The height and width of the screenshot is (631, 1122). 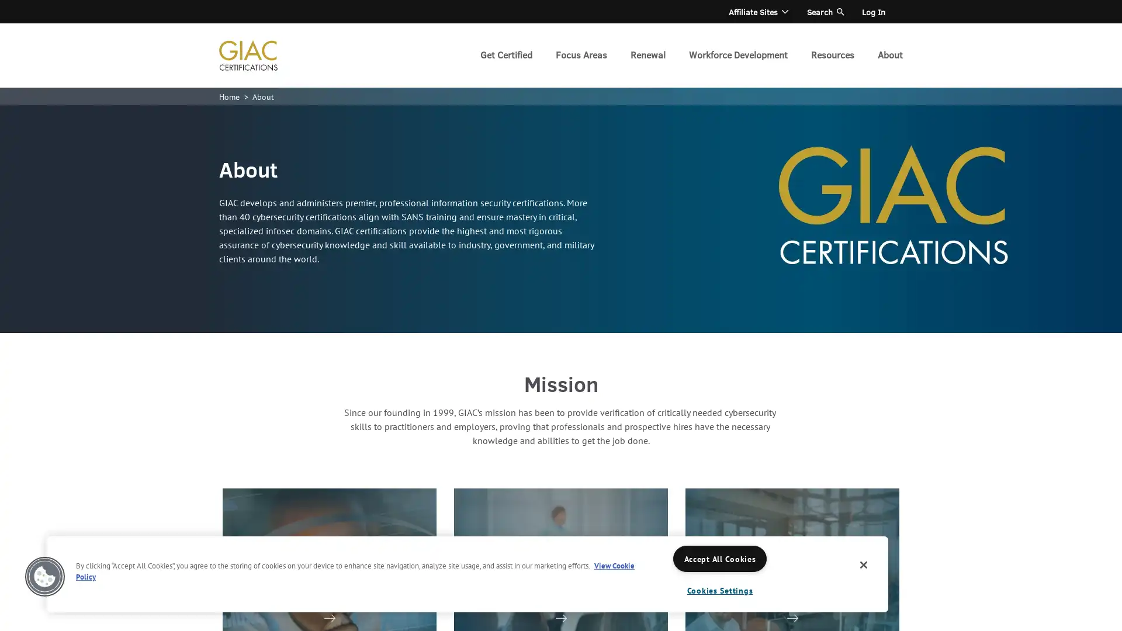 What do you see at coordinates (44, 576) in the screenshot?
I see `Cookies` at bounding box center [44, 576].